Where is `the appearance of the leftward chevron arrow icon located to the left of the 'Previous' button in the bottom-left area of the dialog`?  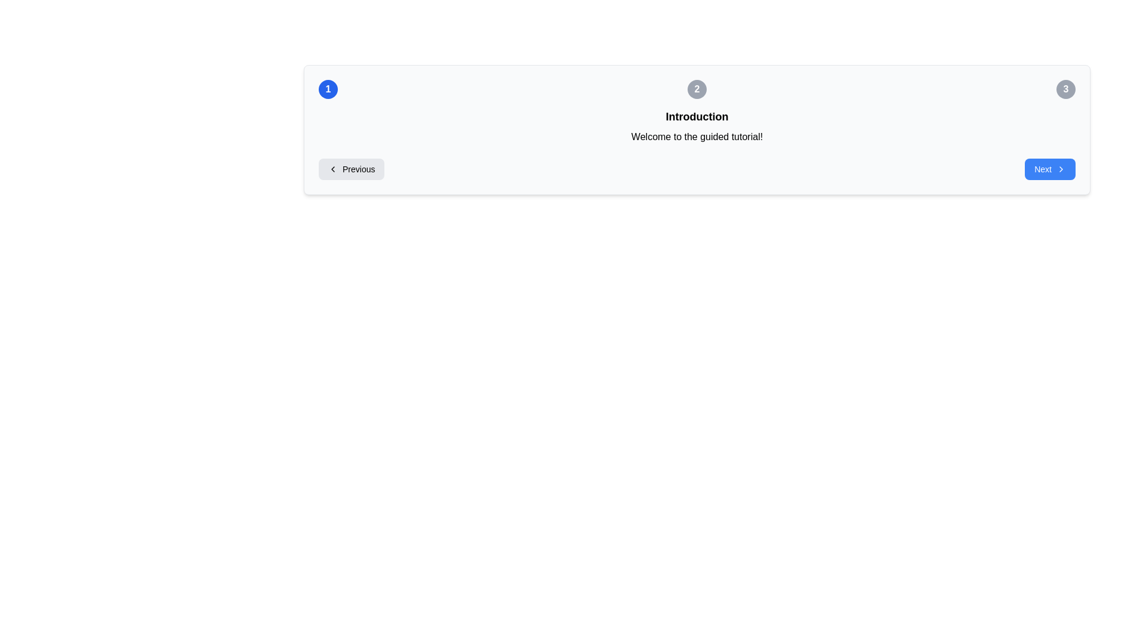
the appearance of the leftward chevron arrow icon located to the left of the 'Previous' button in the bottom-left area of the dialog is located at coordinates (332, 169).